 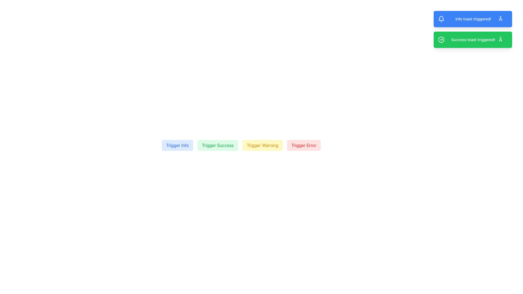 I want to click on the thin white checkmark icon located inside the green notification bar, positioned to the left of the text content, so click(x=442, y=38).